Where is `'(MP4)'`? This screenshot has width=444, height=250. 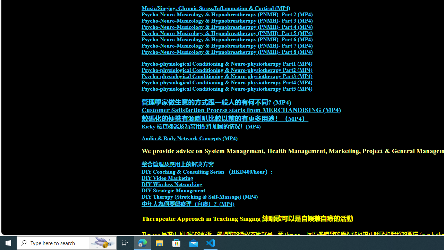
'(MP4)' is located at coordinates (227, 203).